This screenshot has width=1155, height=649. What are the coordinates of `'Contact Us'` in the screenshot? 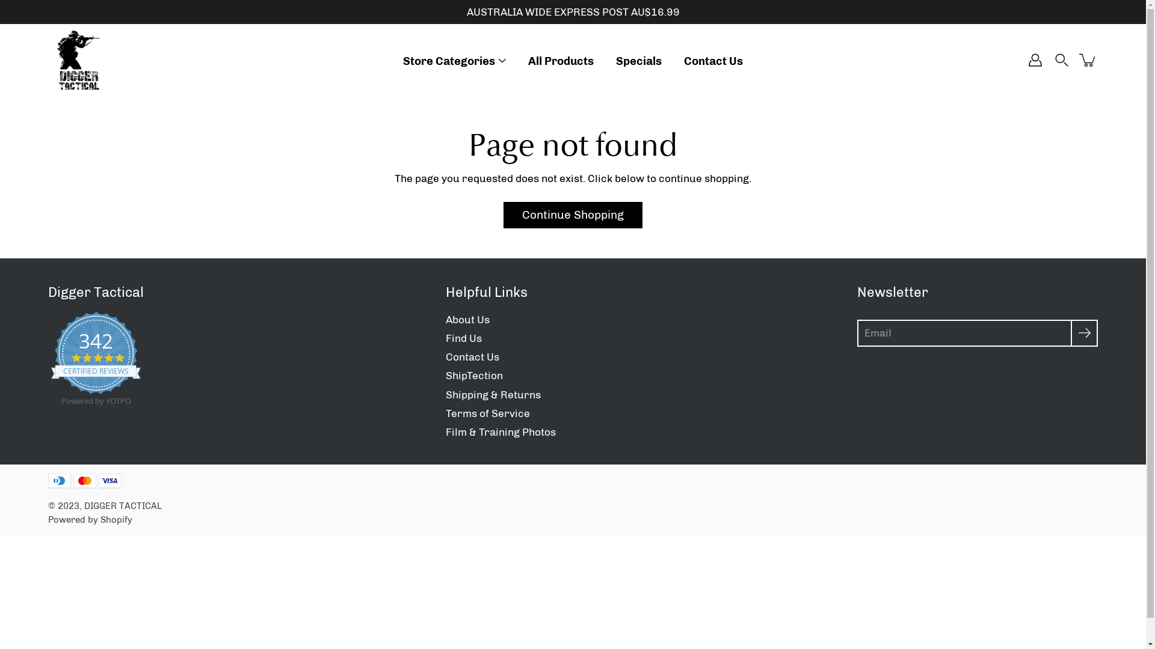 It's located at (471, 356).